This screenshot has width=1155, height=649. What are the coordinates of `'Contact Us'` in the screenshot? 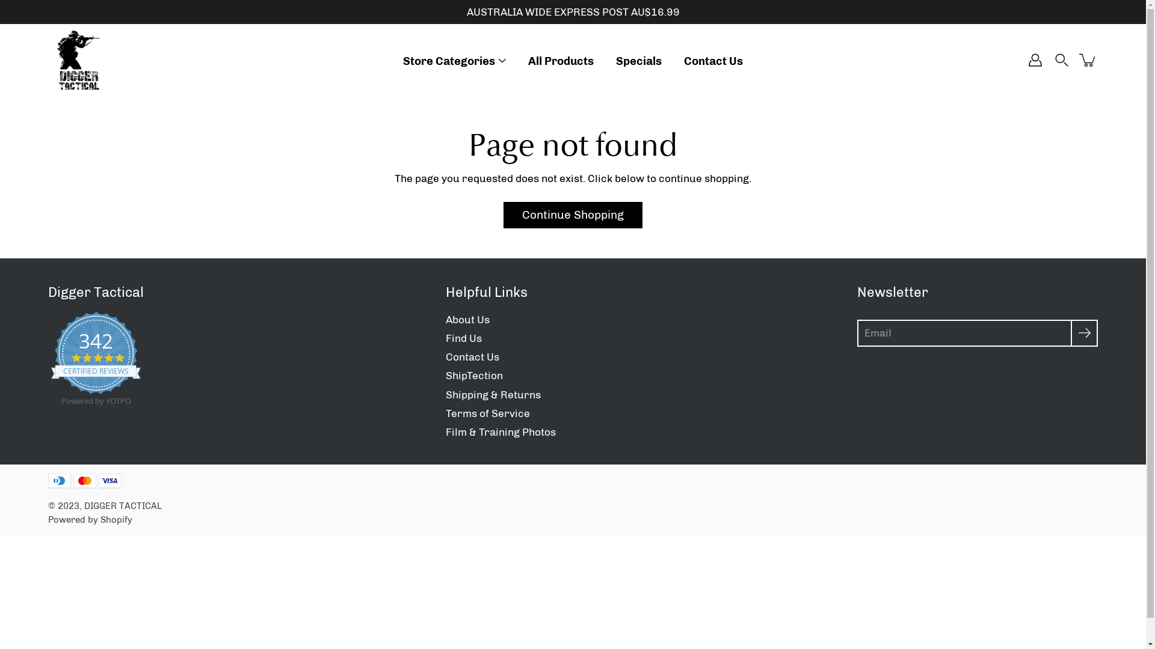 It's located at (471, 356).